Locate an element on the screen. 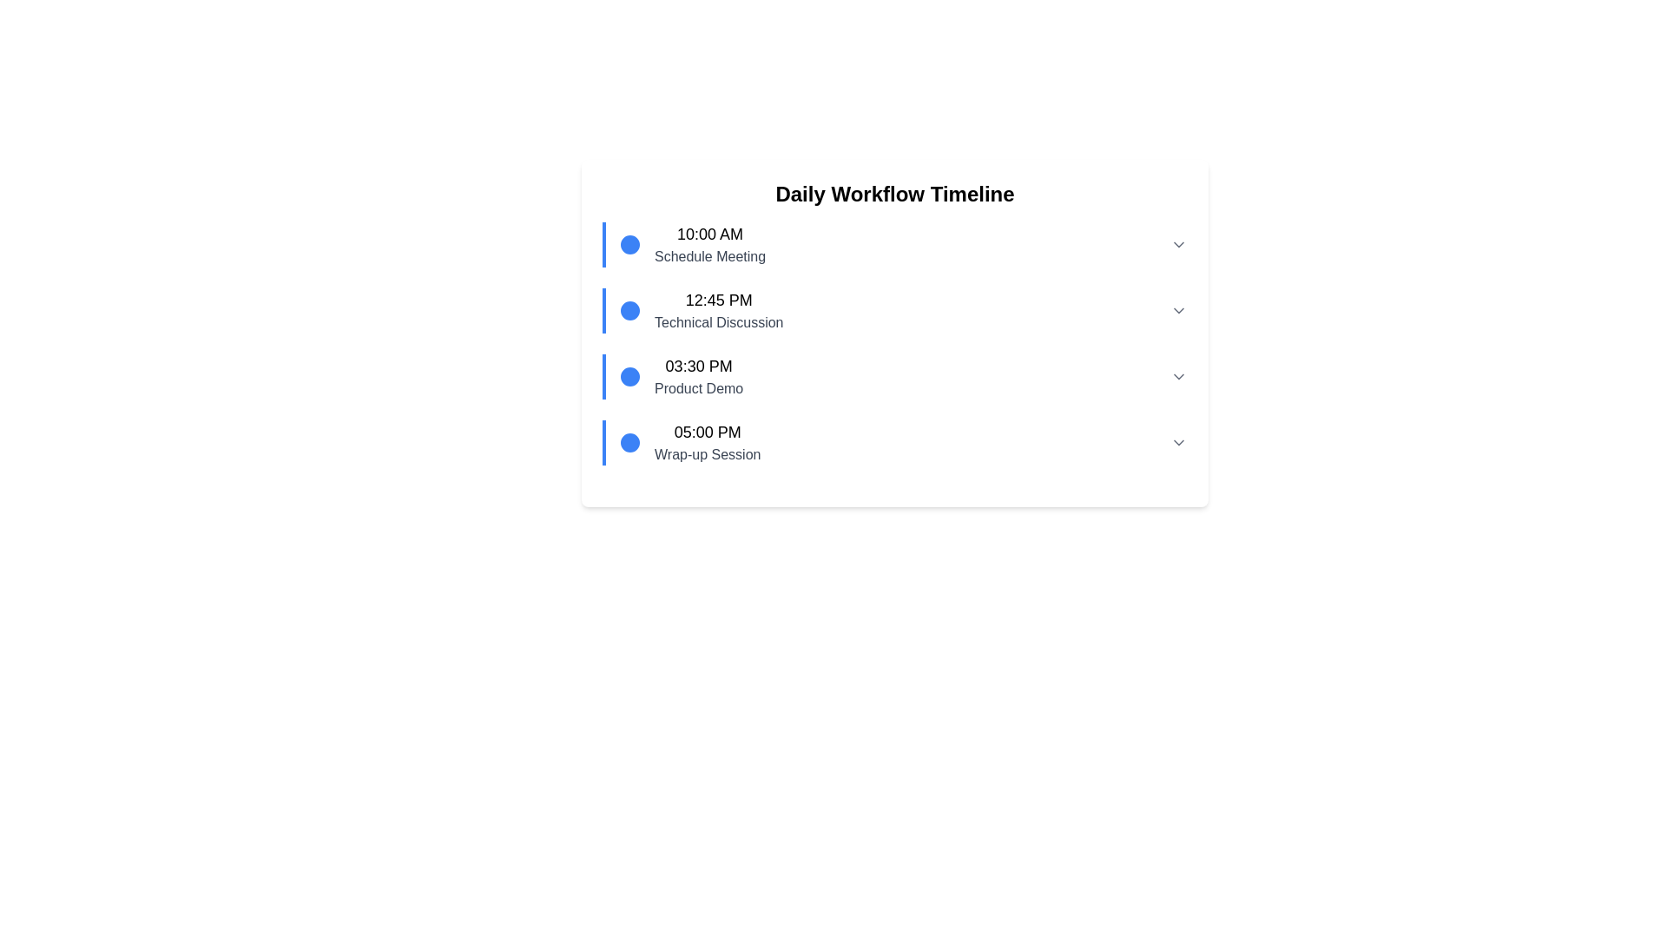  the text label 'Wrap-up Session' which is styled in gray and positioned below the time marker '05:00 PM' in the timeline is located at coordinates (708, 454).